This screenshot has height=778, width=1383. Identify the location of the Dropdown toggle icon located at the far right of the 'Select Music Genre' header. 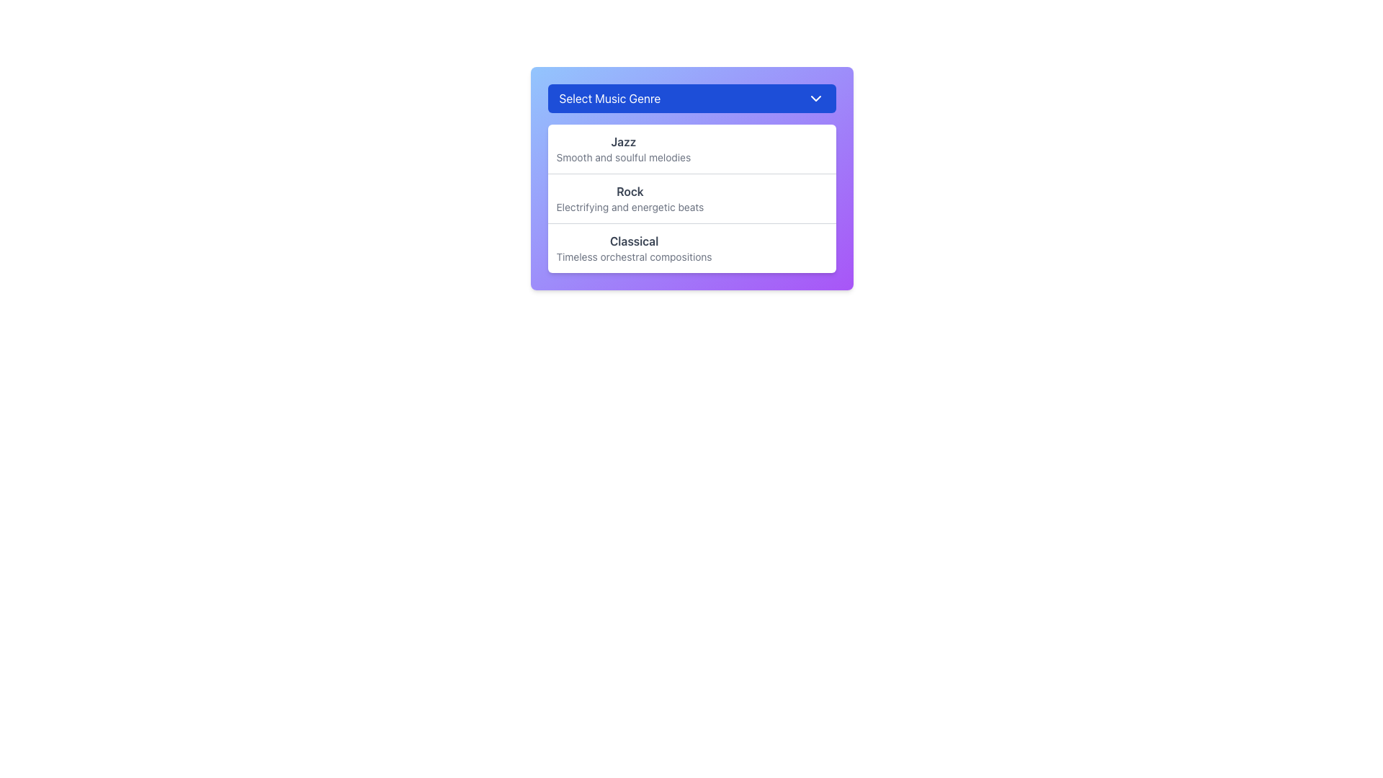
(815, 98).